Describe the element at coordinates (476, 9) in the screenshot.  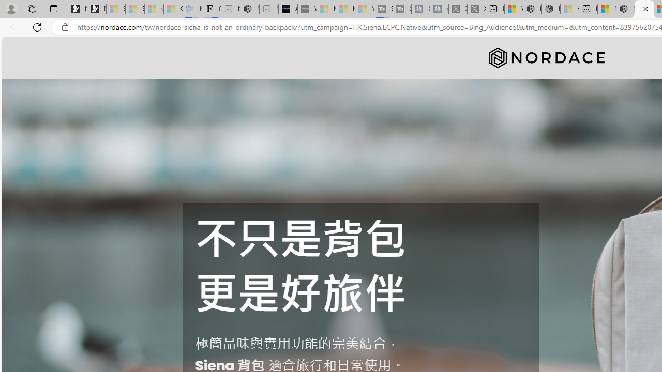
I see `'X - Sleeping'` at that location.